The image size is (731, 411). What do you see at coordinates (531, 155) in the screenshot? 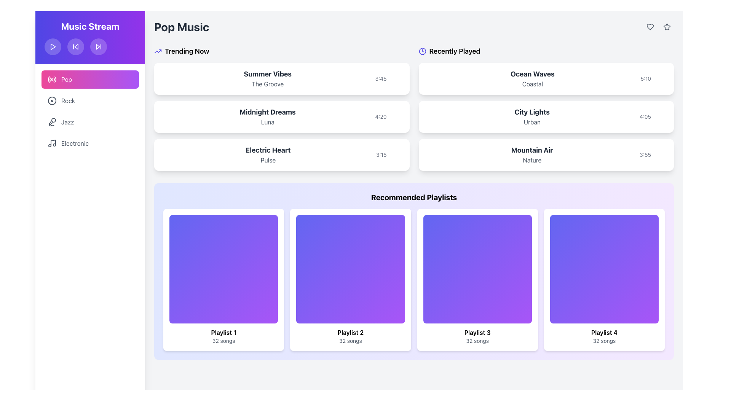
I see `the 'Mountain Air' text element in the 'Recently Played' section` at bounding box center [531, 155].